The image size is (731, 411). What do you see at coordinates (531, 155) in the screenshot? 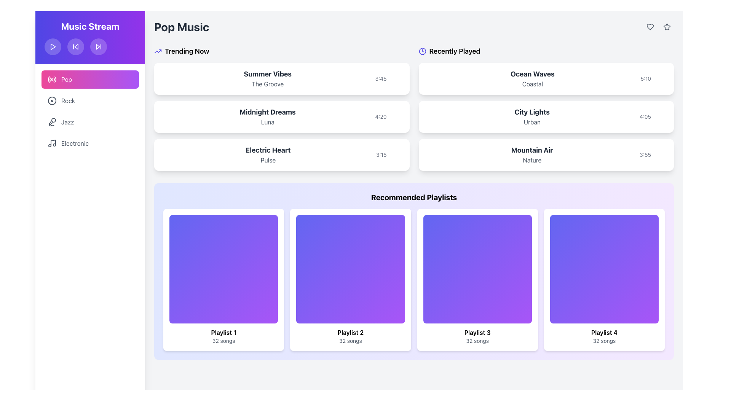
I see `the 'Mountain Air' text element in the 'Recently Played' section` at bounding box center [531, 155].